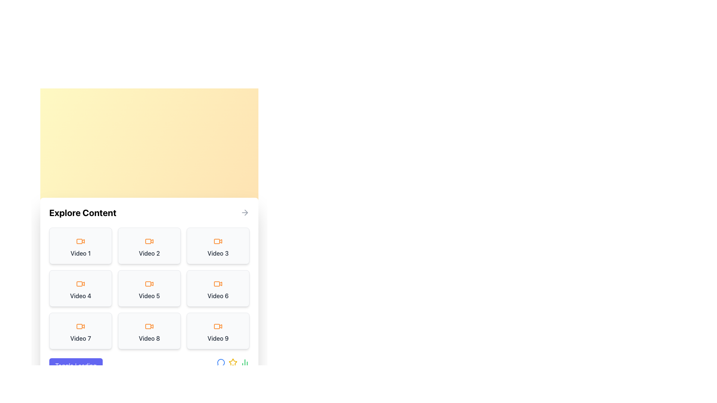 The image size is (717, 403). Describe the element at coordinates (149, 246) in the screenshot. I see `the selectable card in the top row, middle column of the grid layout` at that location.